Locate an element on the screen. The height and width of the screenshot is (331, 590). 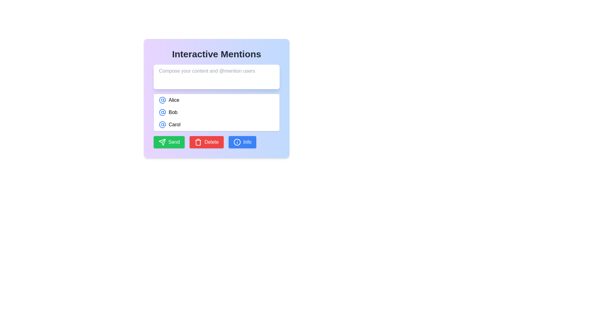
the lower-left segment of the paper airplane icon on the green 'Send' button is located at coordinates (162, 142).